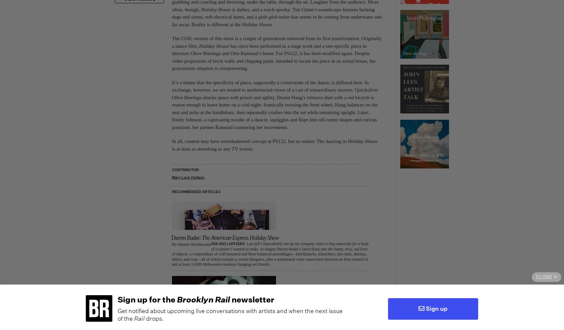 The height and width of the screenshot is (330, 564). I want to click on 'Light and Desire', so click(171, 312).